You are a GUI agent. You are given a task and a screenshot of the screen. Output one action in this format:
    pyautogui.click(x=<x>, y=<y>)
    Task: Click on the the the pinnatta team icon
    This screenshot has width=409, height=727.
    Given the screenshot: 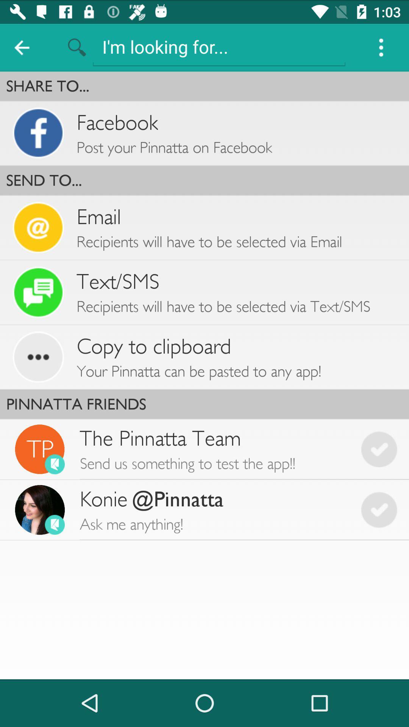 What is the action you would take?
    pyautogui.click(x=214, y=449)
    